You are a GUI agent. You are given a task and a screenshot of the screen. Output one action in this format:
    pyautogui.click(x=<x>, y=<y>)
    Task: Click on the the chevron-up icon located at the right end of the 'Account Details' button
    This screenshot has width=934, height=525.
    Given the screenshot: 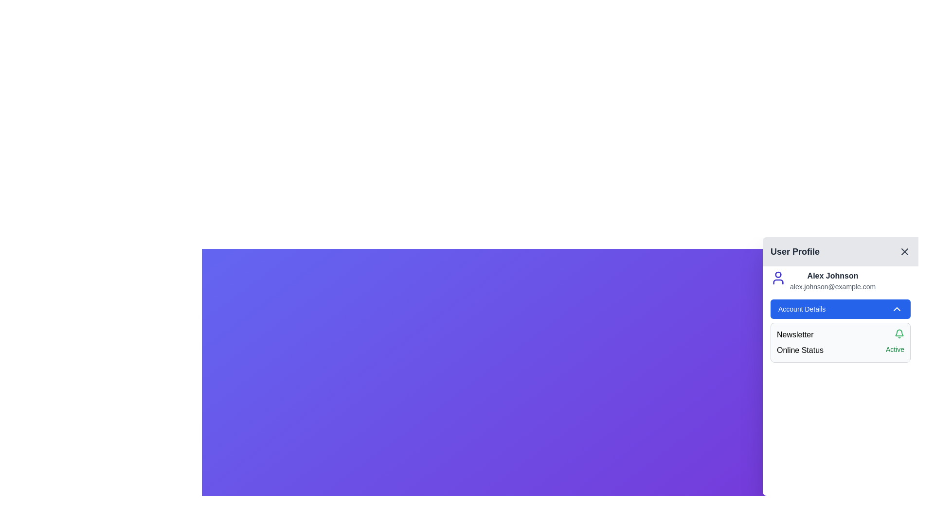 What is the action you would take?
    pyautogui.click(x=896, y=309)
    